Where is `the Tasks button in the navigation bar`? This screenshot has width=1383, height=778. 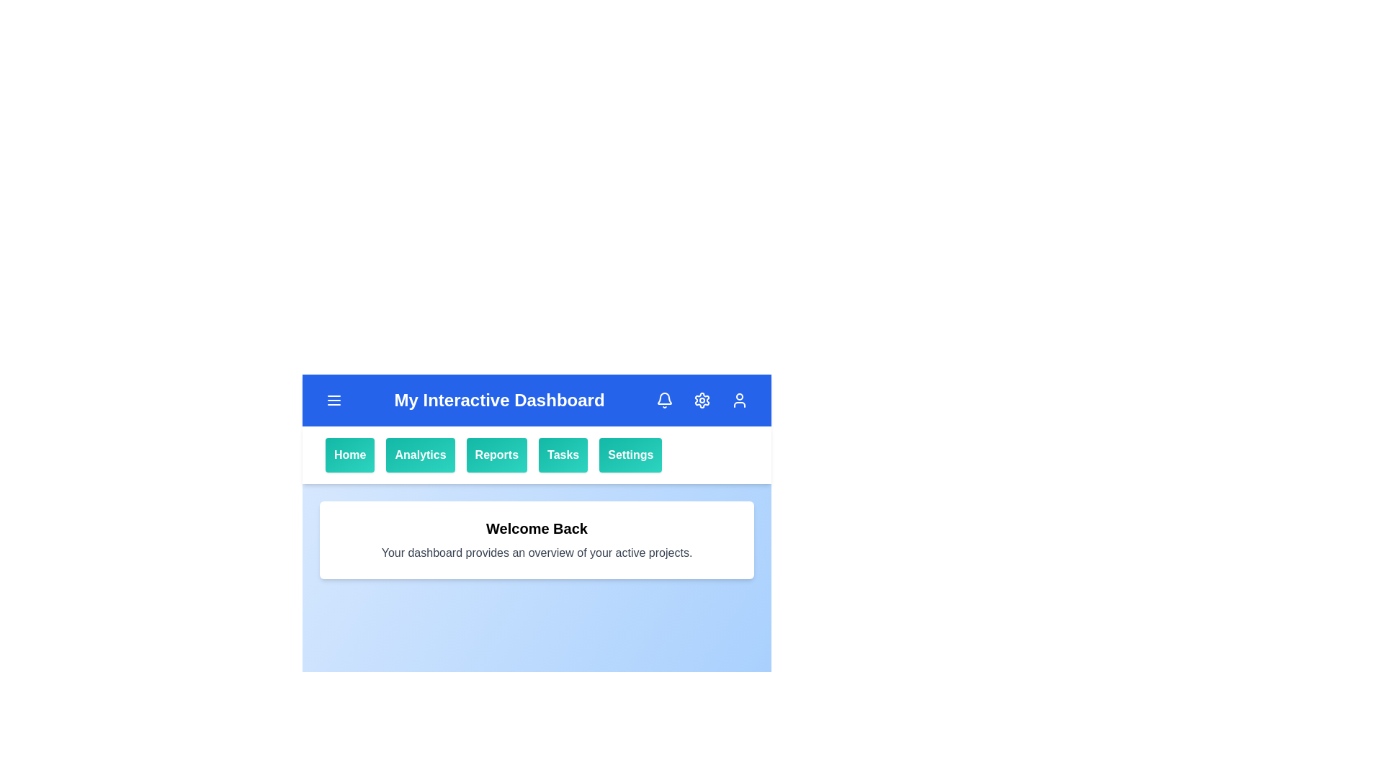 the Tasks button in the navigation bar is located at coordinates (563, 455).